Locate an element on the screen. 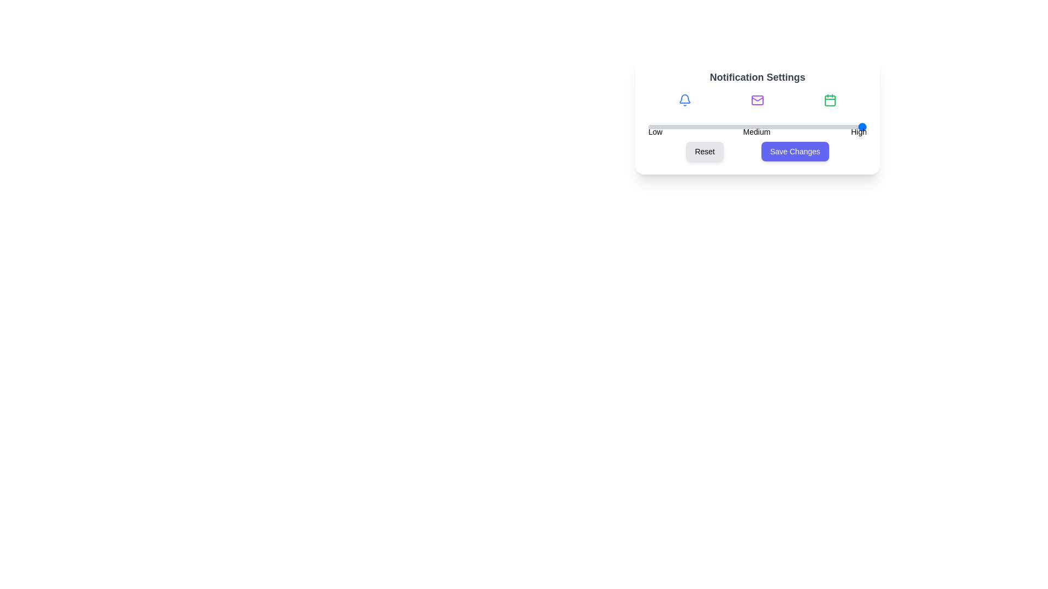  the Mail icon to view its details is located at coordinates (757, 100).